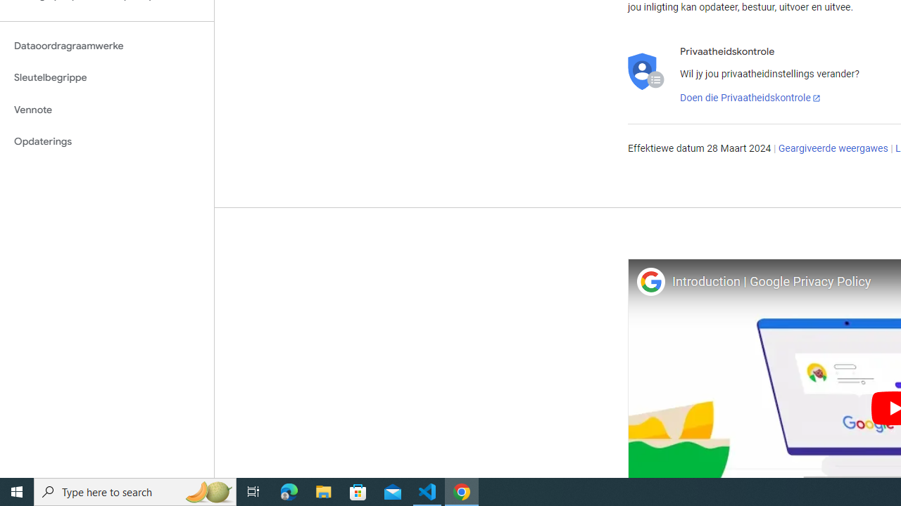 Image resolution: width=901 pixels, height=506 pixels. Describe the element at coordinates (750, 98) in the screenshot. I see `'Doen die Privaatheidskontrole'` at that location.